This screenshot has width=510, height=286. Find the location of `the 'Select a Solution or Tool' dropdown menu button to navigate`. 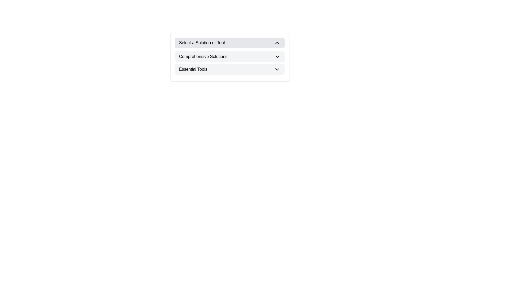

the 'Select a Solution or Tool' dropdown menu button to navigate is located at coordinates (229, 43).